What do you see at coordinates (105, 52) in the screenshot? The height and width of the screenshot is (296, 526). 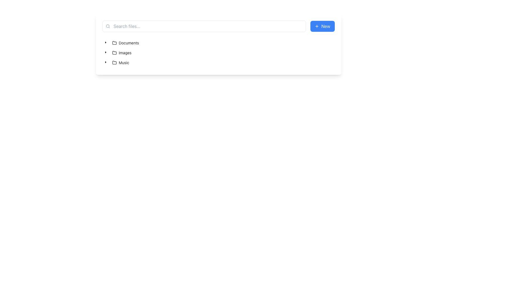 I see `the tree expansion toggle button` at bounding box center [105, 52].